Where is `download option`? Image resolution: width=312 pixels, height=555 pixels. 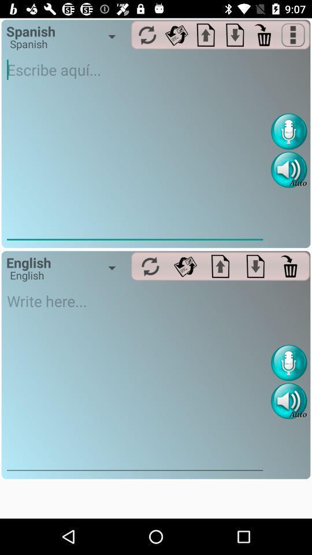 download option is located at coordinates (255, 266).